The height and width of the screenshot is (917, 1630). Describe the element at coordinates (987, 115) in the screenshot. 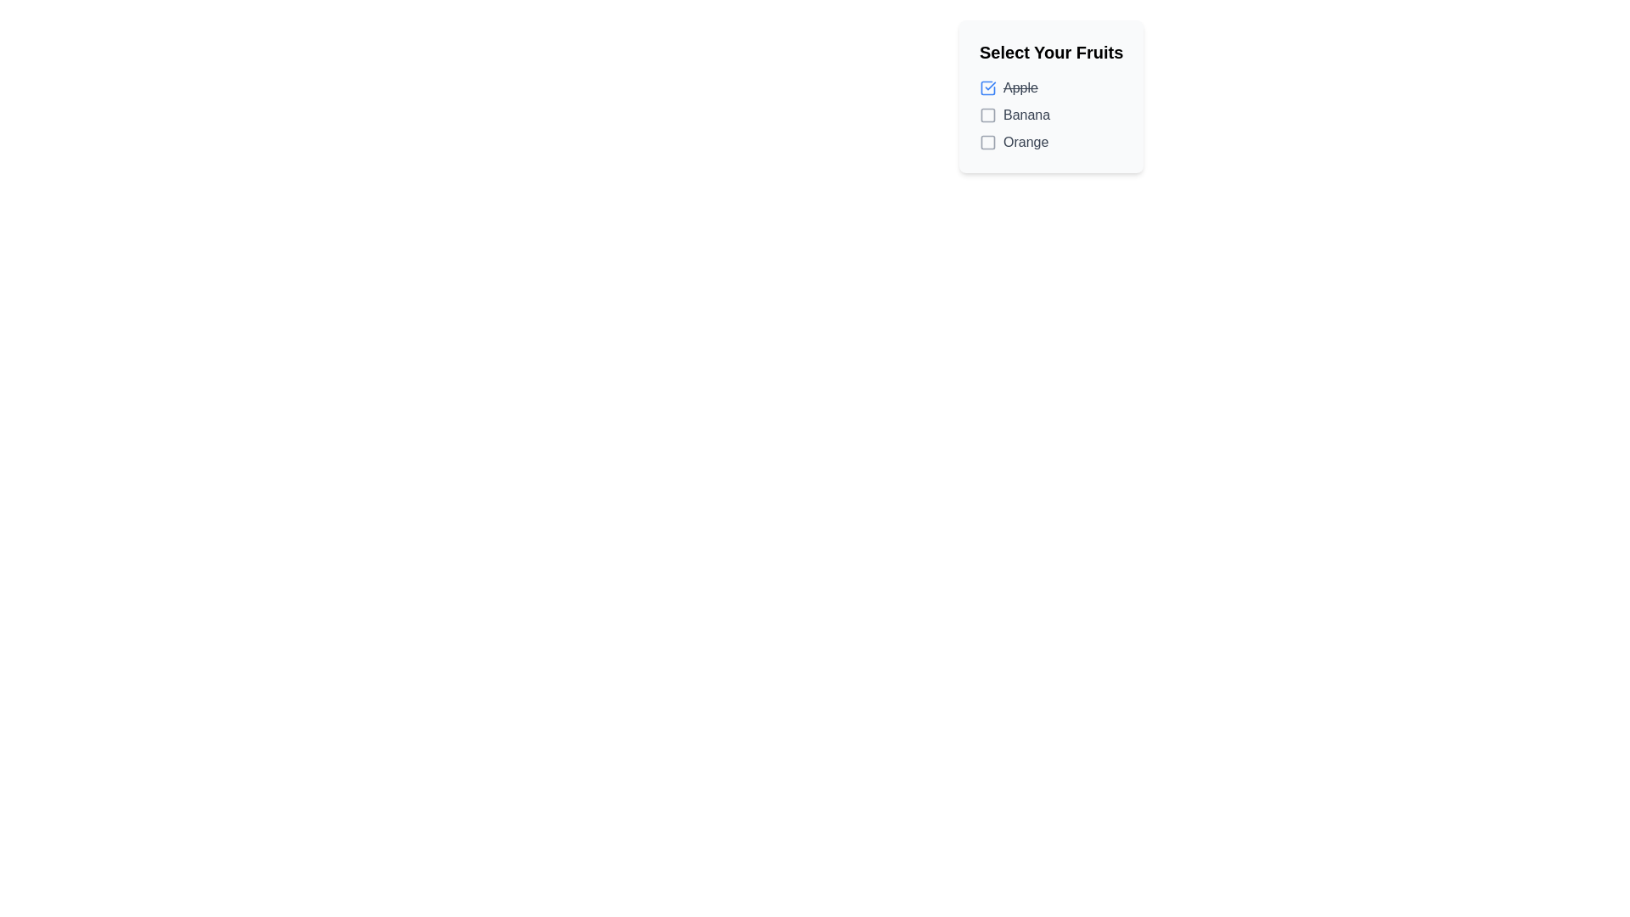

I see `the checkbox next to the label 'Banana' to check or uncheck it` at that location.